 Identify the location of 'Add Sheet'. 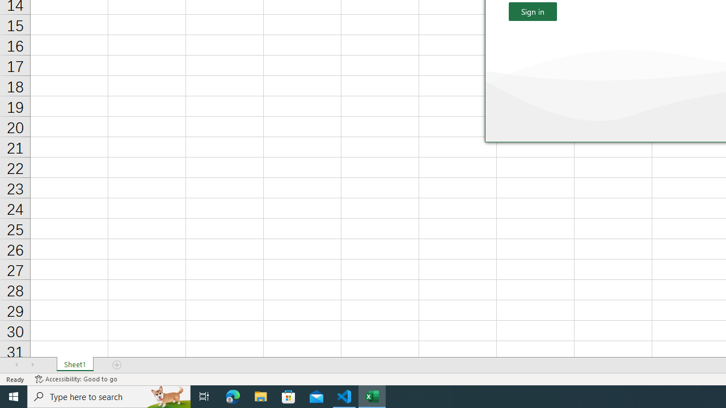
(117, 365).